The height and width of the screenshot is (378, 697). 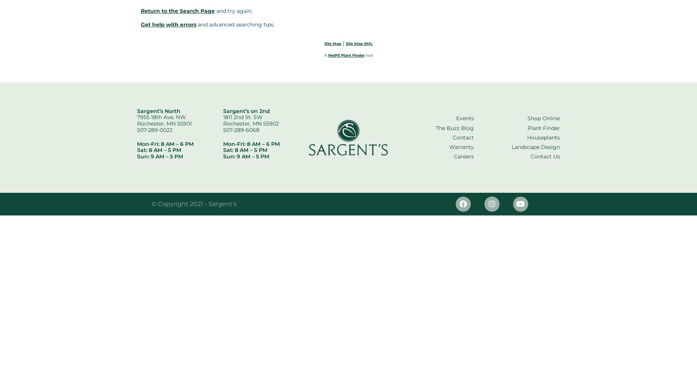 What do you see at coordinates (463, 137) in the screenshot?
I see `'Contact'` at bounding box center [463, 137].